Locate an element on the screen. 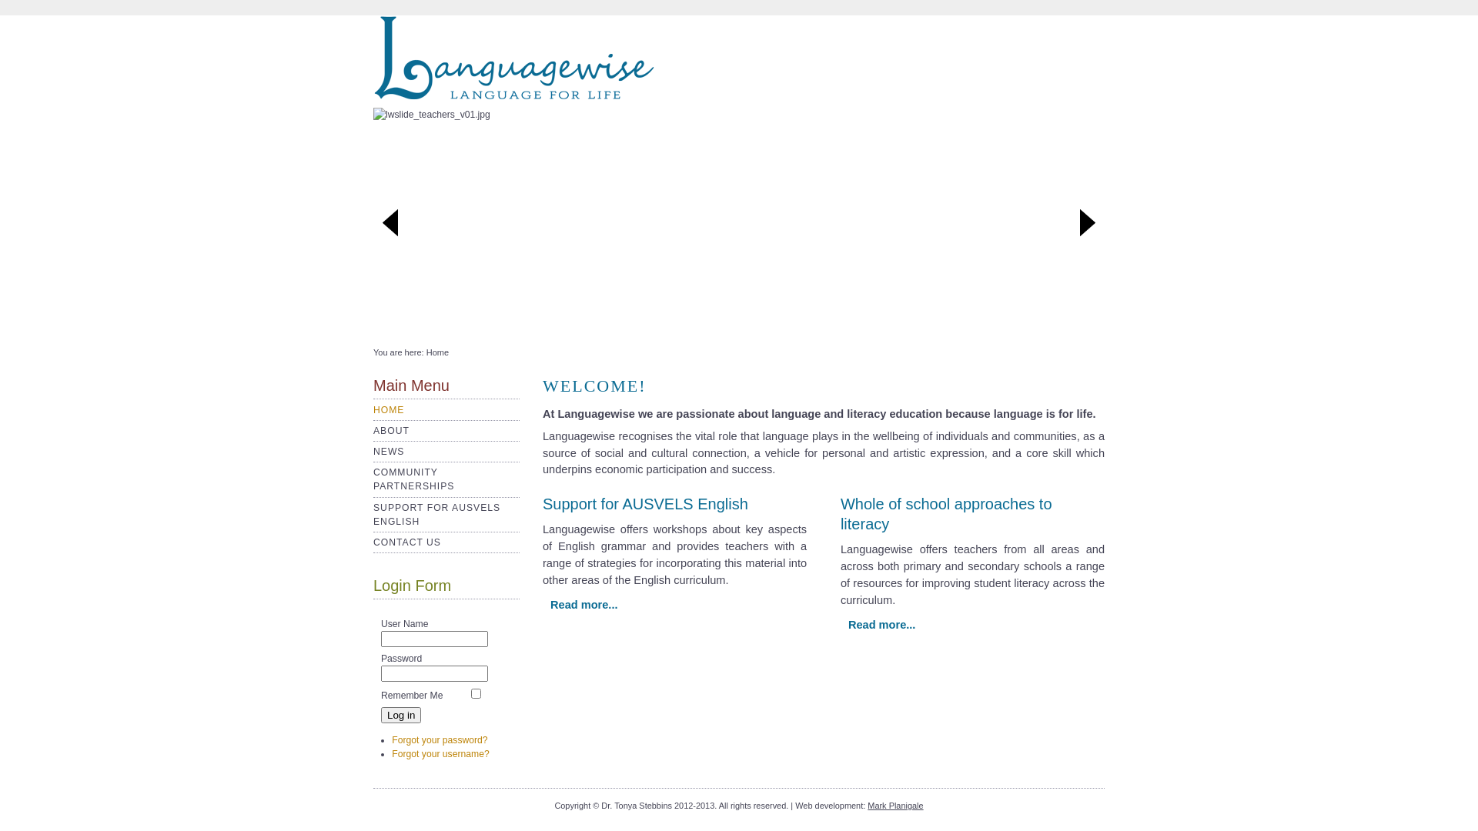 The height and width of the screenshot is (831, 1478). 'Forgot your password?' is located at coordinates (439, 739).